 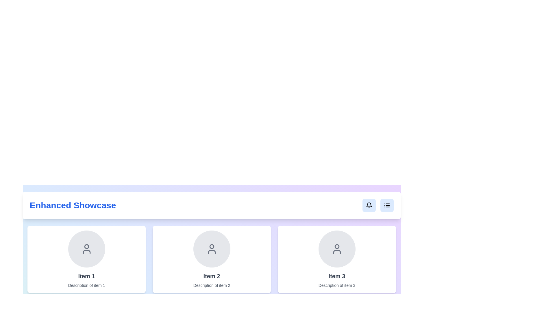 I want to click on the button located at the top-right corner of the main interface, so click(x=387, y=205).